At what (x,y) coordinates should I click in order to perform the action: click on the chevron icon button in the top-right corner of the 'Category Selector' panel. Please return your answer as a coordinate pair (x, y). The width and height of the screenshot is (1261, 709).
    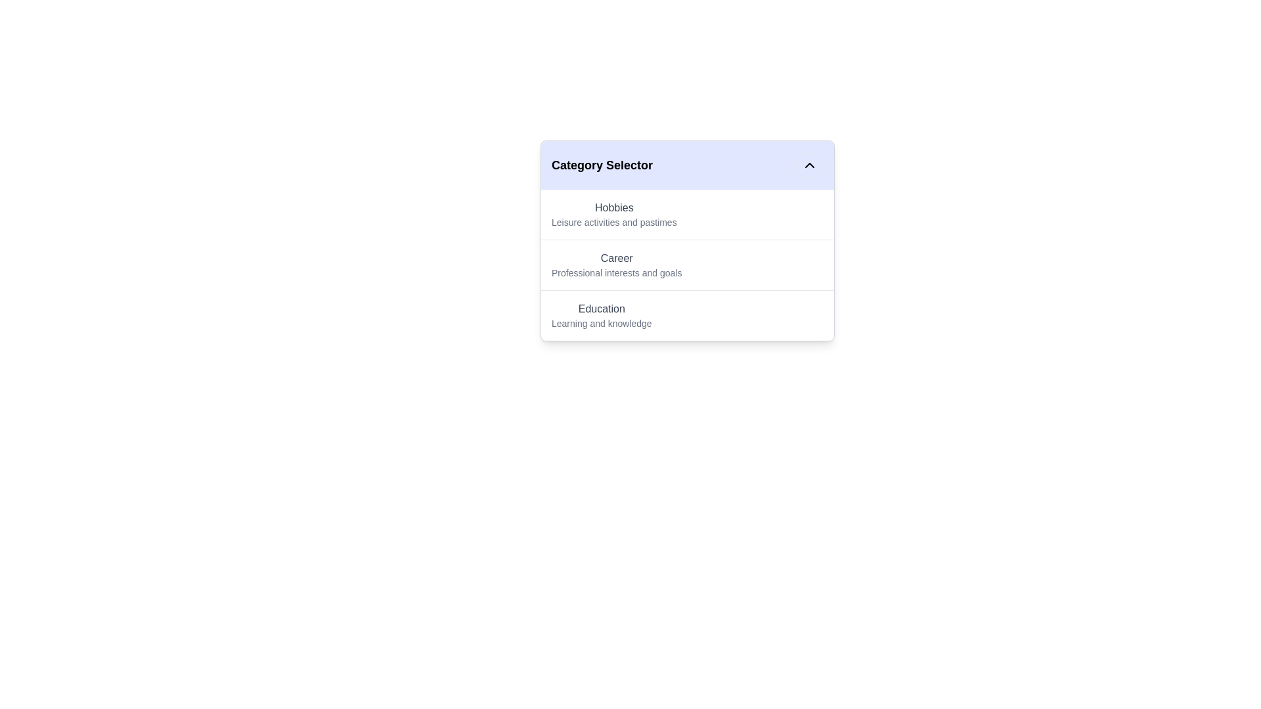
    Looking at the image, I should click on (809, 164).